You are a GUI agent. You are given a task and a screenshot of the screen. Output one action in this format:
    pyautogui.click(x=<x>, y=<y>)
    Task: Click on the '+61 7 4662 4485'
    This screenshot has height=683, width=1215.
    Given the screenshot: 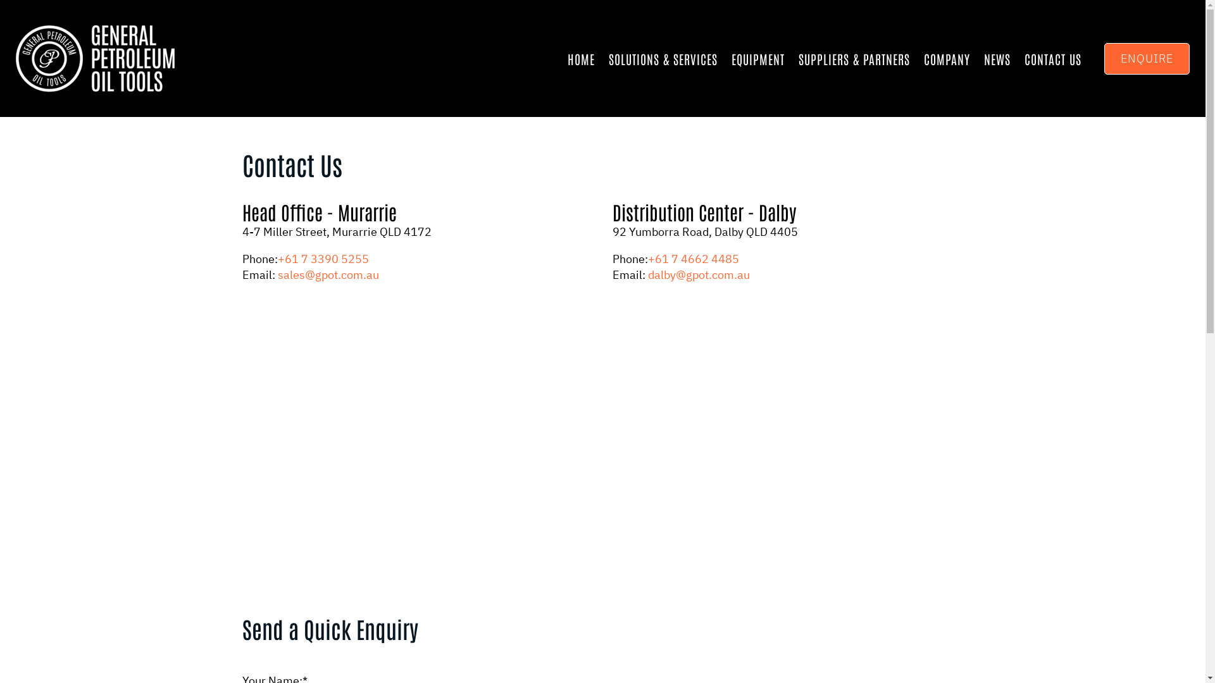 What is the action you would take?
    pyautogui.click(x=692, y=258)
    